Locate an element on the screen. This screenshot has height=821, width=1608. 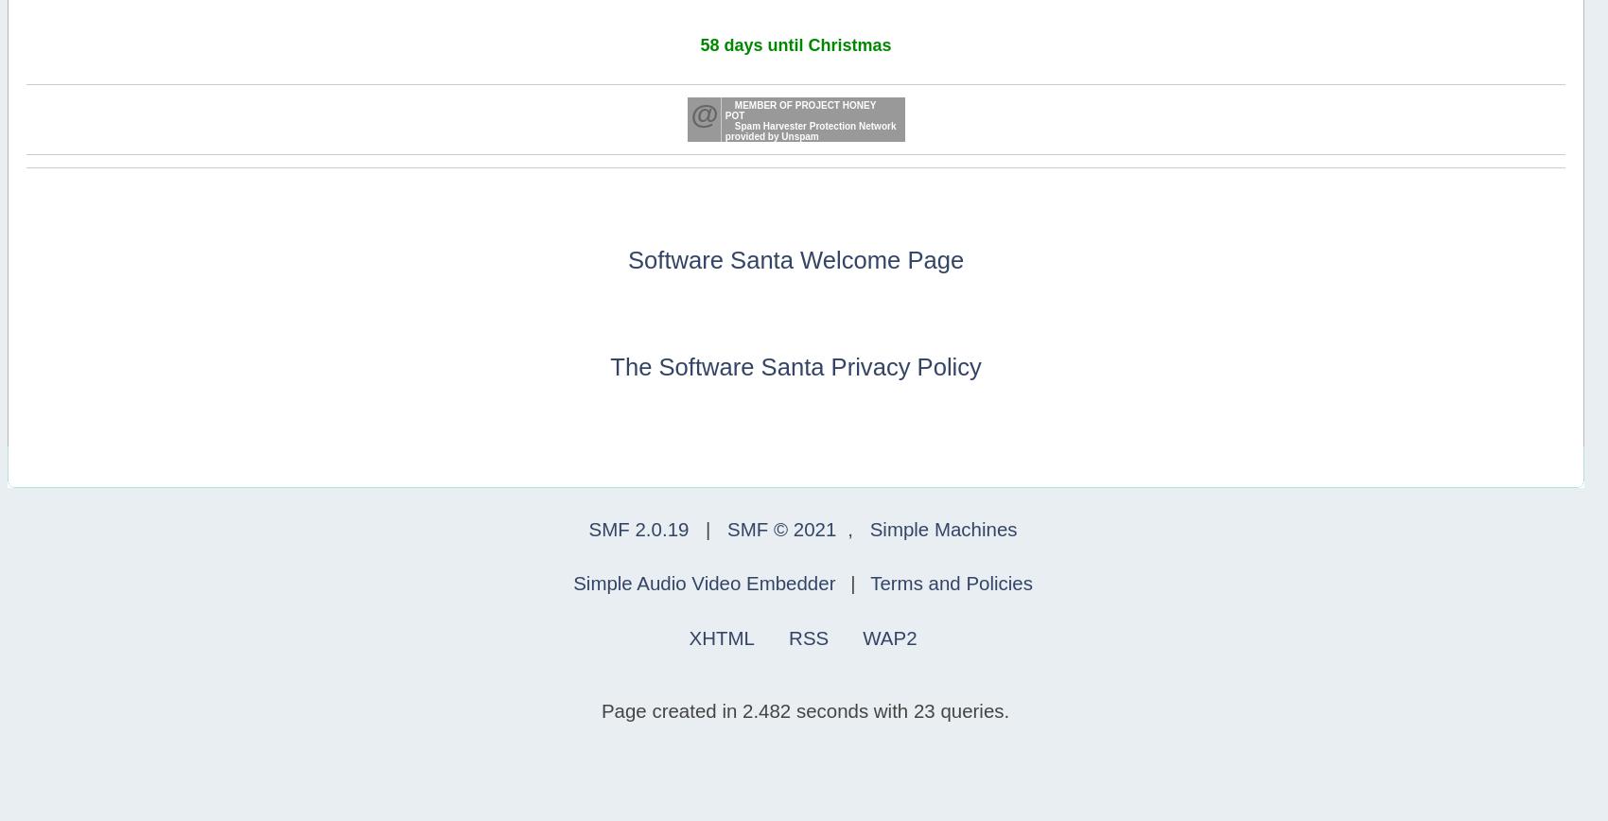
',' is located at coordinates (852, 529).